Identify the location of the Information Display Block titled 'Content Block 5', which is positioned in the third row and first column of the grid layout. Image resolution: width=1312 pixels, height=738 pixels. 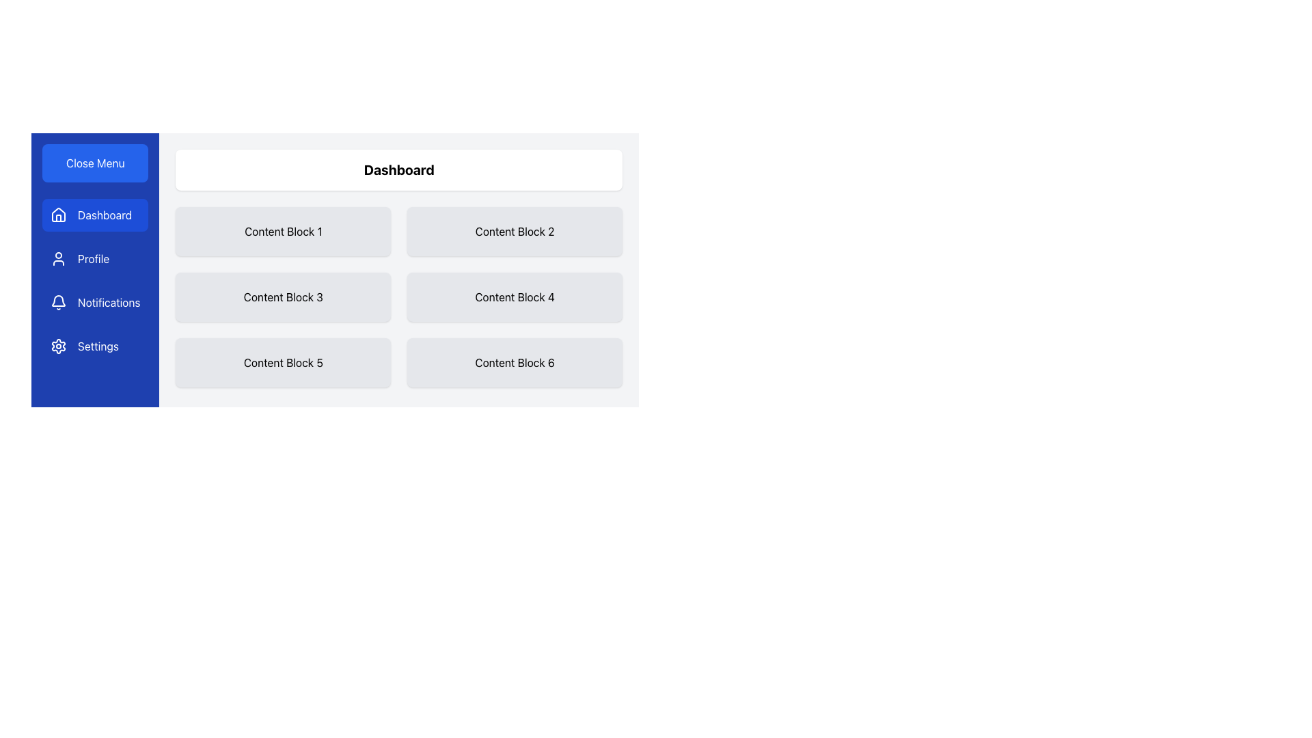
(282, 362).